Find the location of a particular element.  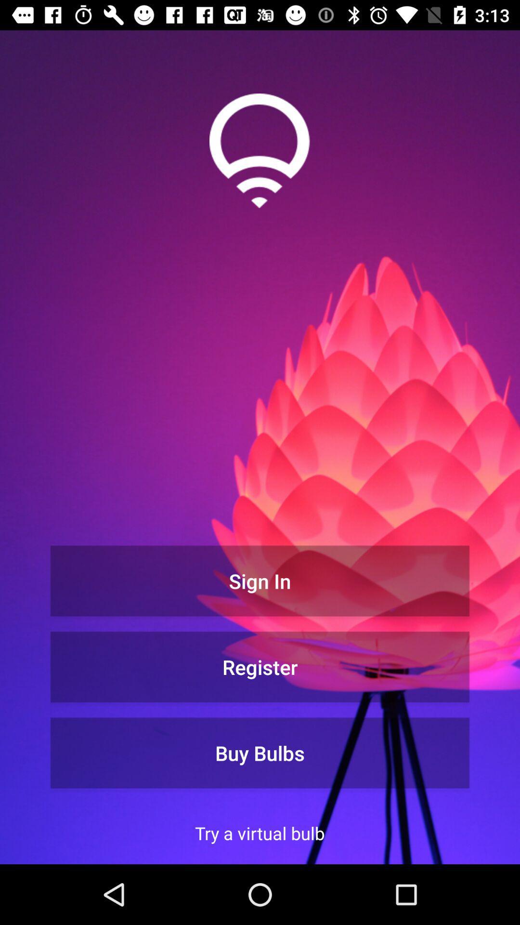

icon above the try a virtual icon is located at coordinates (260, 753).